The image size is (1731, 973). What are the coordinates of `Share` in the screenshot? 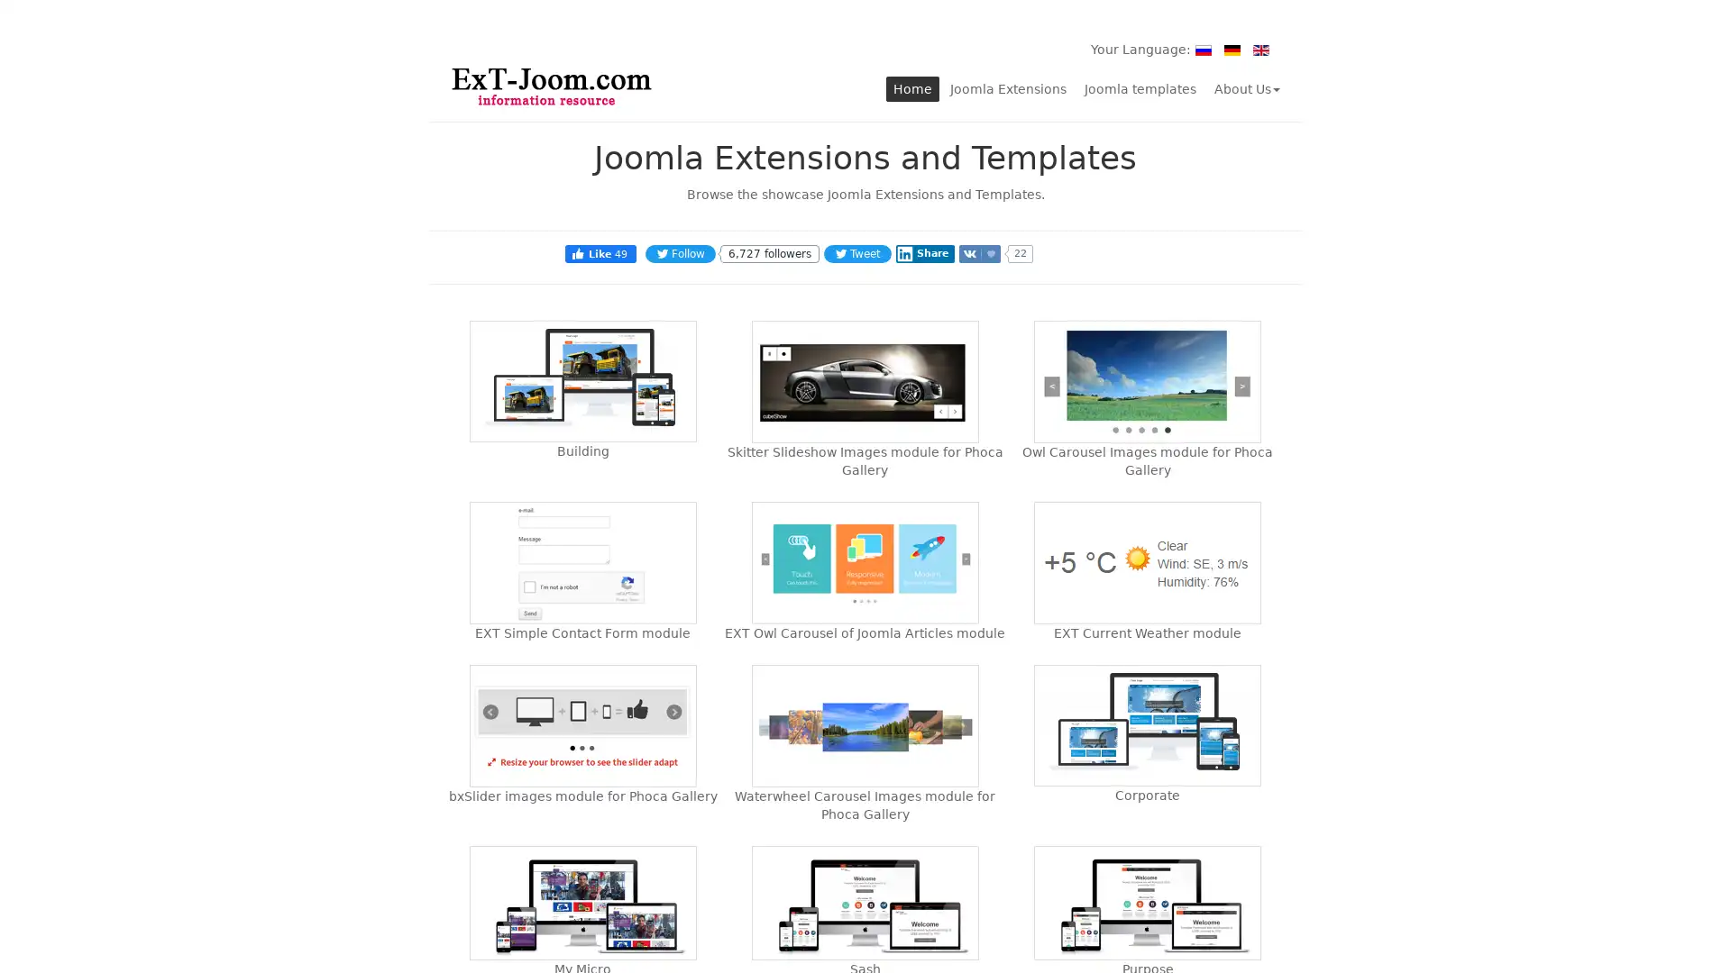 It's located at (925, 253).